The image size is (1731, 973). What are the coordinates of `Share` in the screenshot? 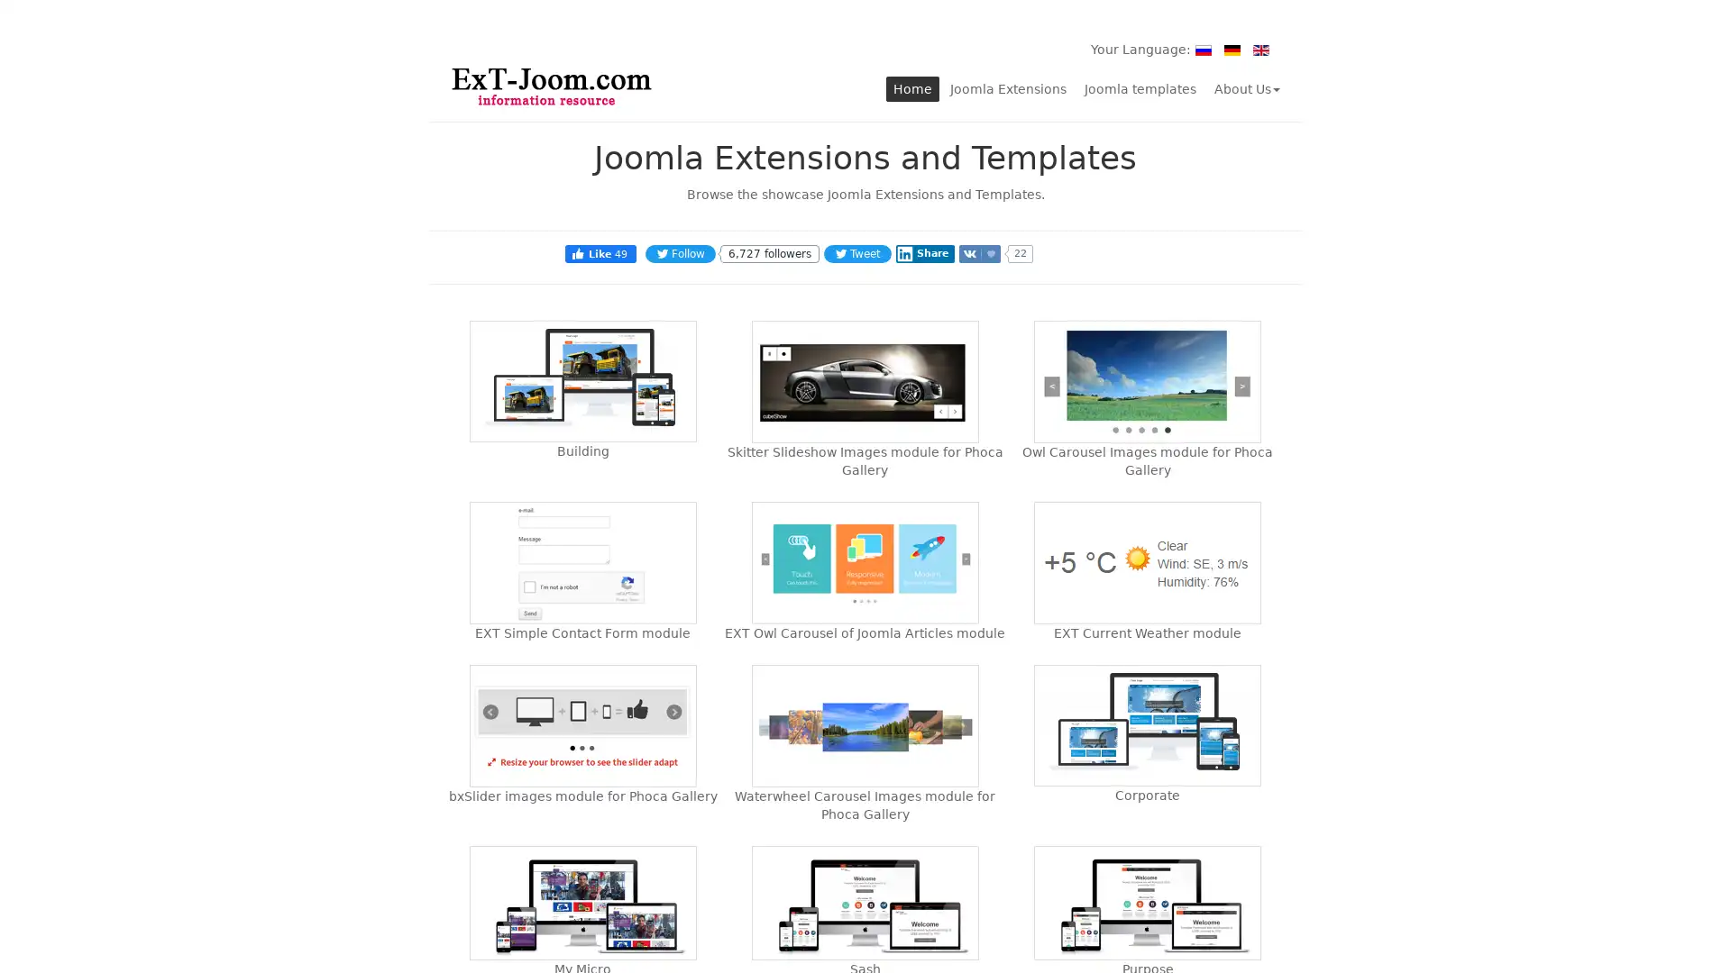 It's located at (925, 253).